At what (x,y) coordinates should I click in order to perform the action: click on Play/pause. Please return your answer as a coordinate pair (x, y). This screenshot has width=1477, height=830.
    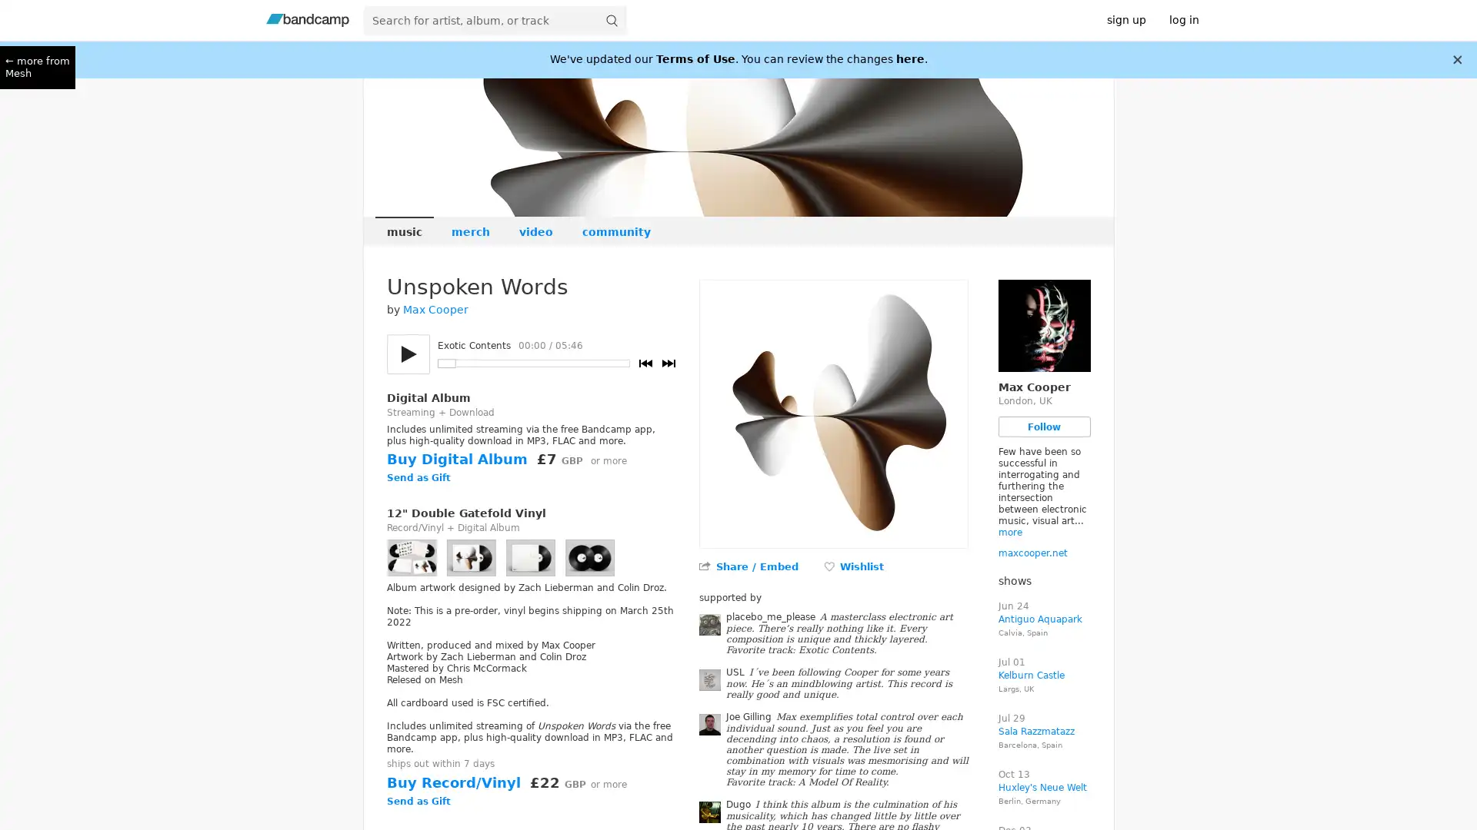
    Looking at the image, I should click on (407, 354).